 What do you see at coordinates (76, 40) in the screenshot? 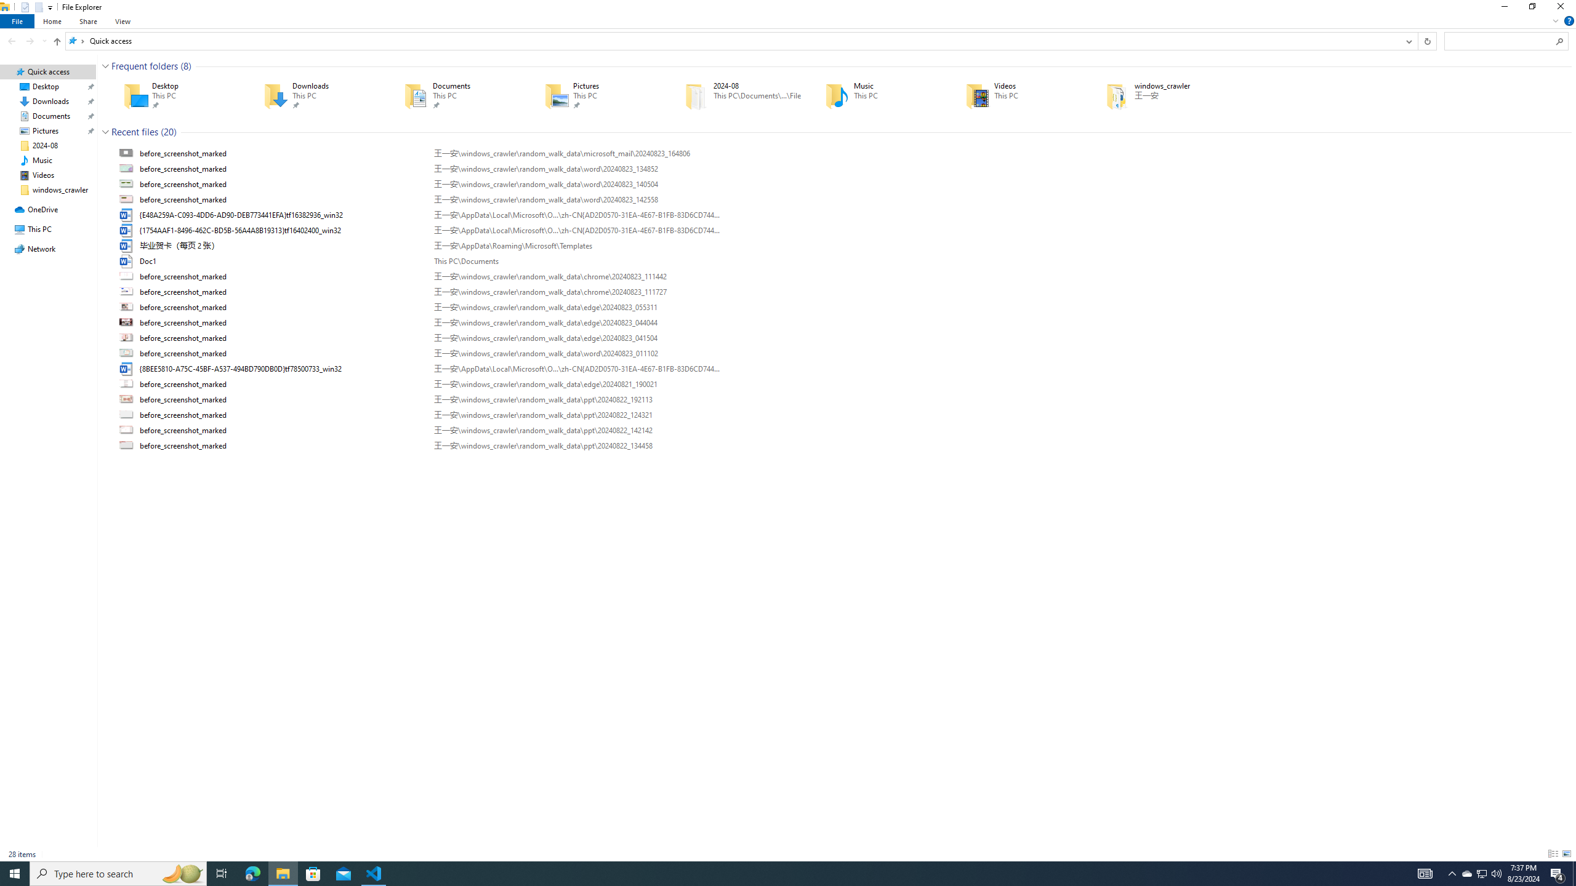
I see `'All locations'` at bounding box center [76, 40].